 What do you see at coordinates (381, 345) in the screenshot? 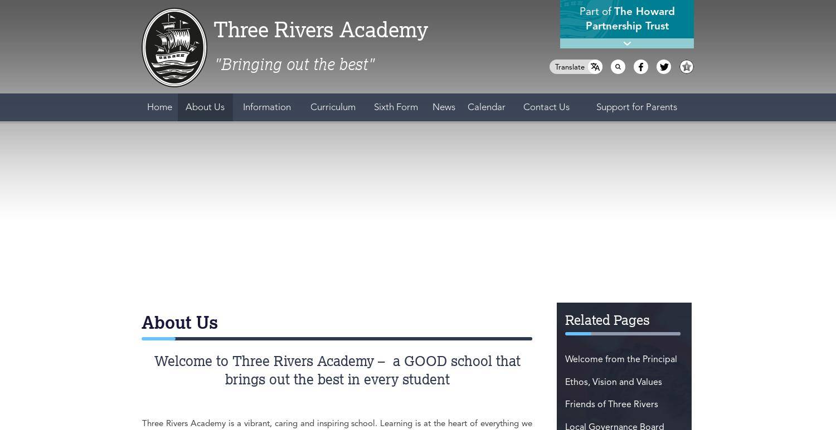
I see `'All Dates'` at bounding box center [381, 345].